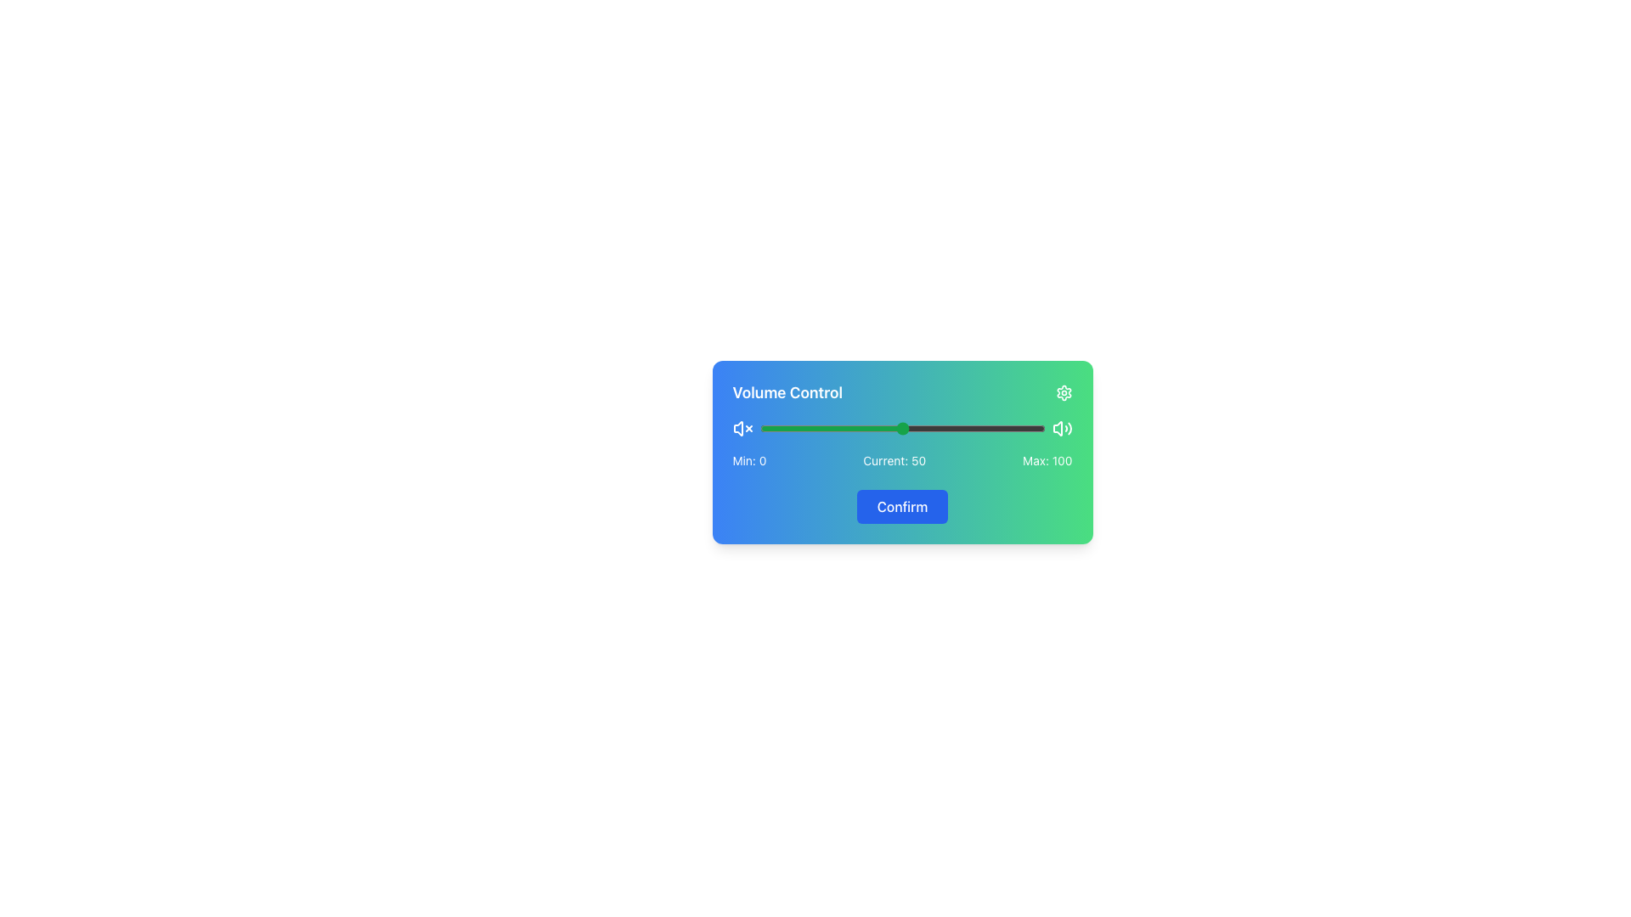 This screenshot has width=1631, height=917. Describe the element at coordinates (1033, 428) in the screenshot. I see `the volume slider` at that location.